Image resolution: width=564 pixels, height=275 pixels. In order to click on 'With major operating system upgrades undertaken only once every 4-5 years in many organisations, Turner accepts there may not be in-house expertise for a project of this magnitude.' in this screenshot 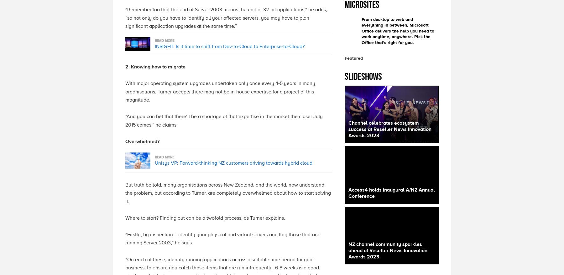, I will do `click(220, 92)`.